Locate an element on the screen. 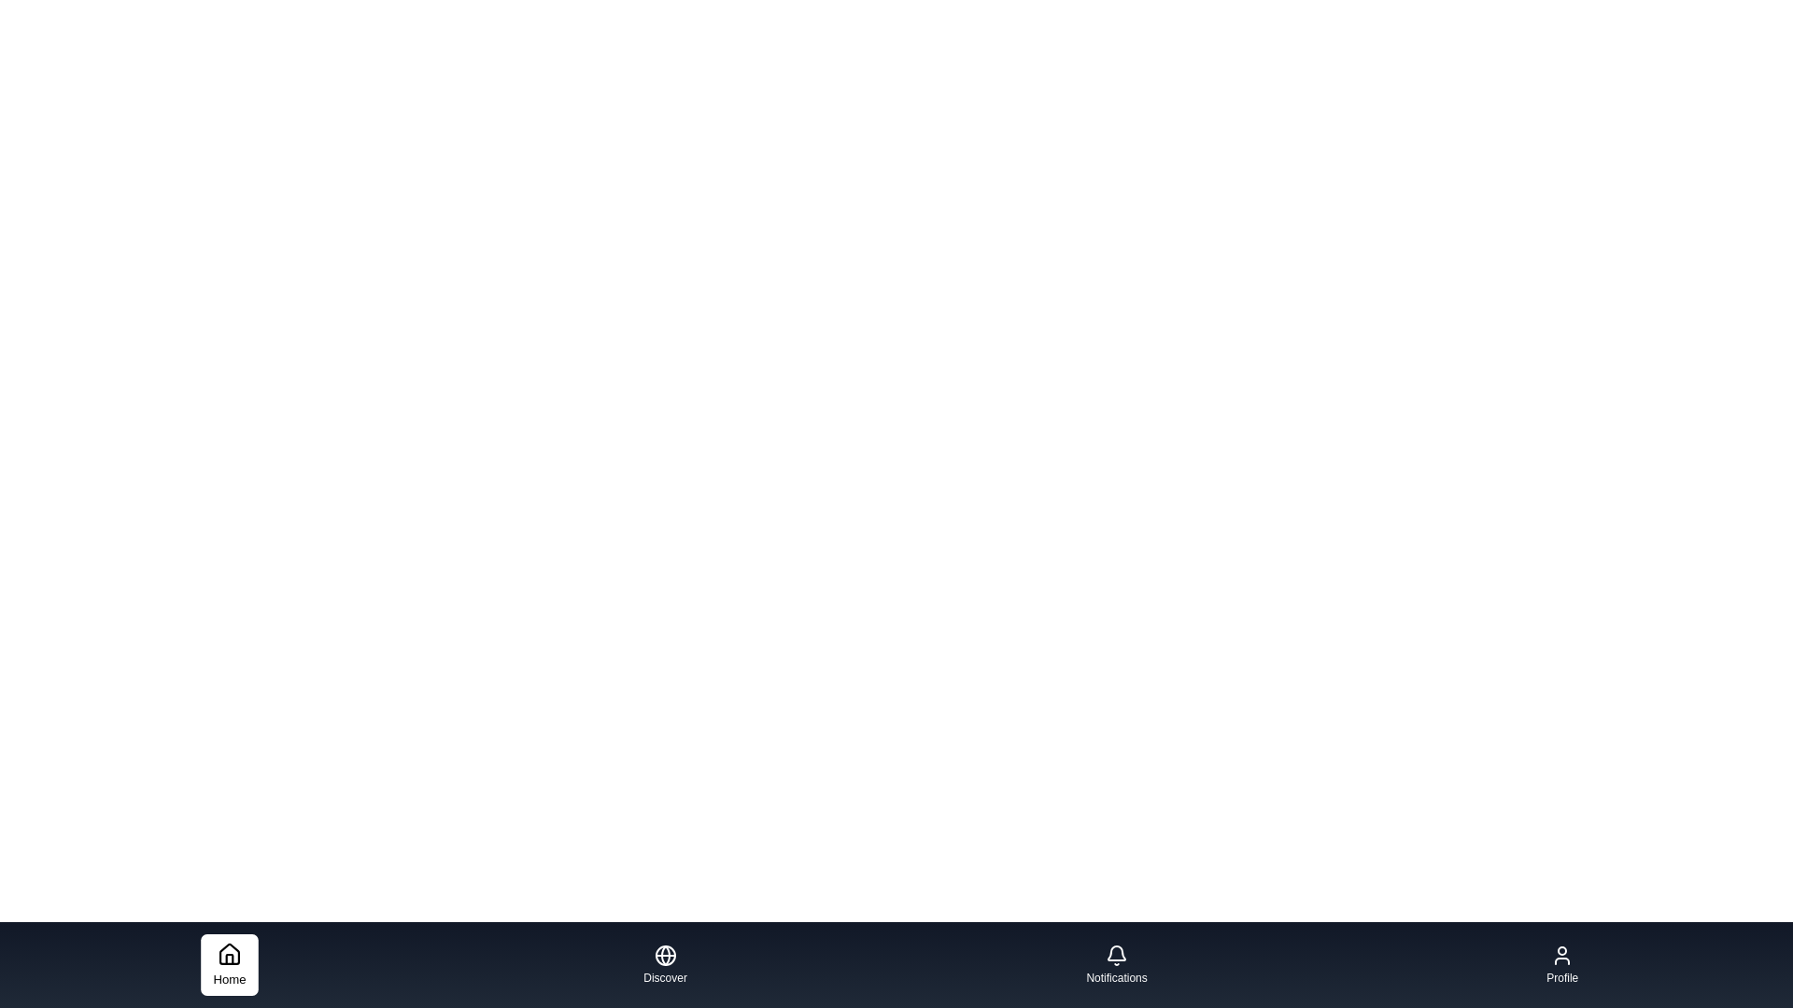 Image resolution: width=1793 pixels, height=1008 pixels. the tab labeled Profile to inspect its icon and label is located at coordinates (1562, 964).